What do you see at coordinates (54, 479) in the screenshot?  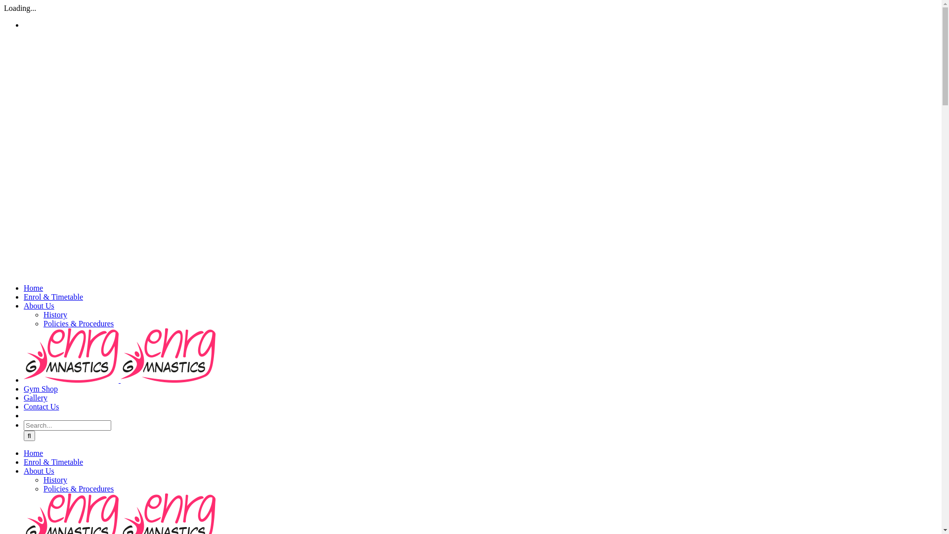 I see `'History'` at bounding box center [54, 479].